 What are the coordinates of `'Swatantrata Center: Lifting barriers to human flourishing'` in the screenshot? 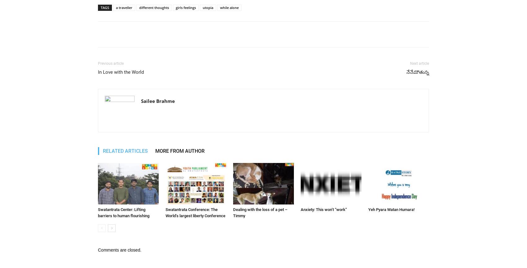 It's located at (123, 213).